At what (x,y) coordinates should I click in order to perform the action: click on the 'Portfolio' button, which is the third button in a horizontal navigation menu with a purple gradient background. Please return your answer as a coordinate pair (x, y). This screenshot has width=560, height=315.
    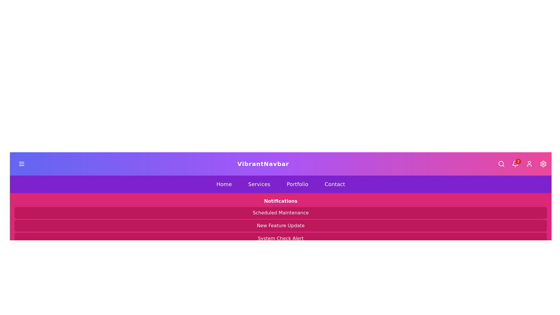
    Looking at the image, I should click on (297, 184).